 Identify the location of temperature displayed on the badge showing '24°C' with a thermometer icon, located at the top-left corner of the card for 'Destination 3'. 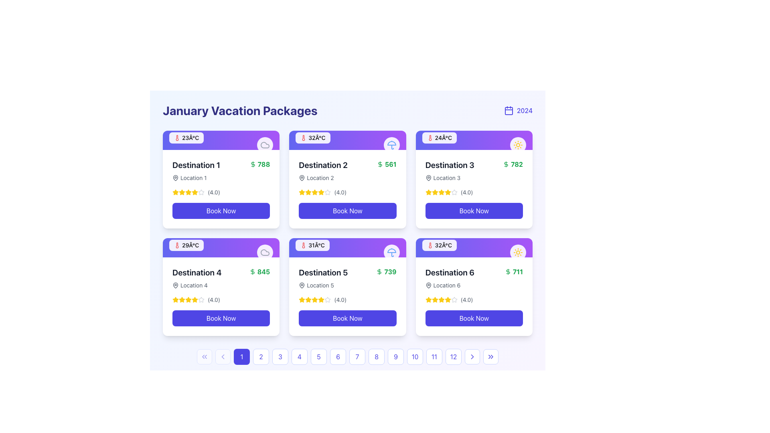
(439, 137).